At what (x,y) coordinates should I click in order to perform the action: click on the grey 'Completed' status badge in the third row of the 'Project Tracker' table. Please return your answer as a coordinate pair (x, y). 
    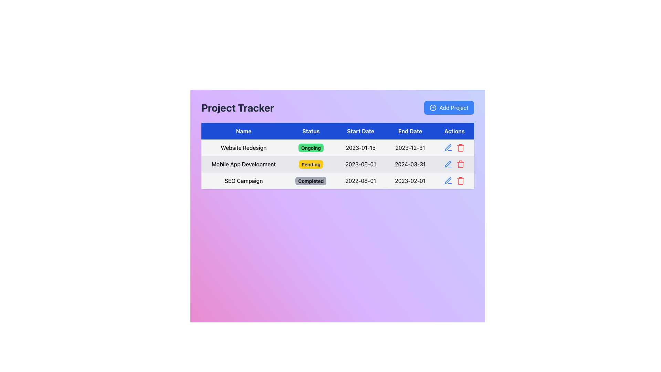
    Looking at the image, I should click on (337, 180).